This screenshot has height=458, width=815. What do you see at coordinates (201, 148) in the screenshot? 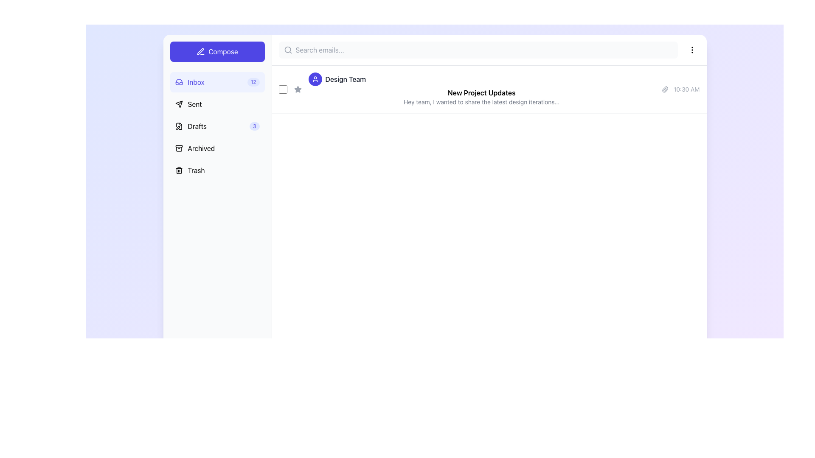
I see `the 'Archived' text label in the vertical navigation menu` at bounding box center [201, 148].